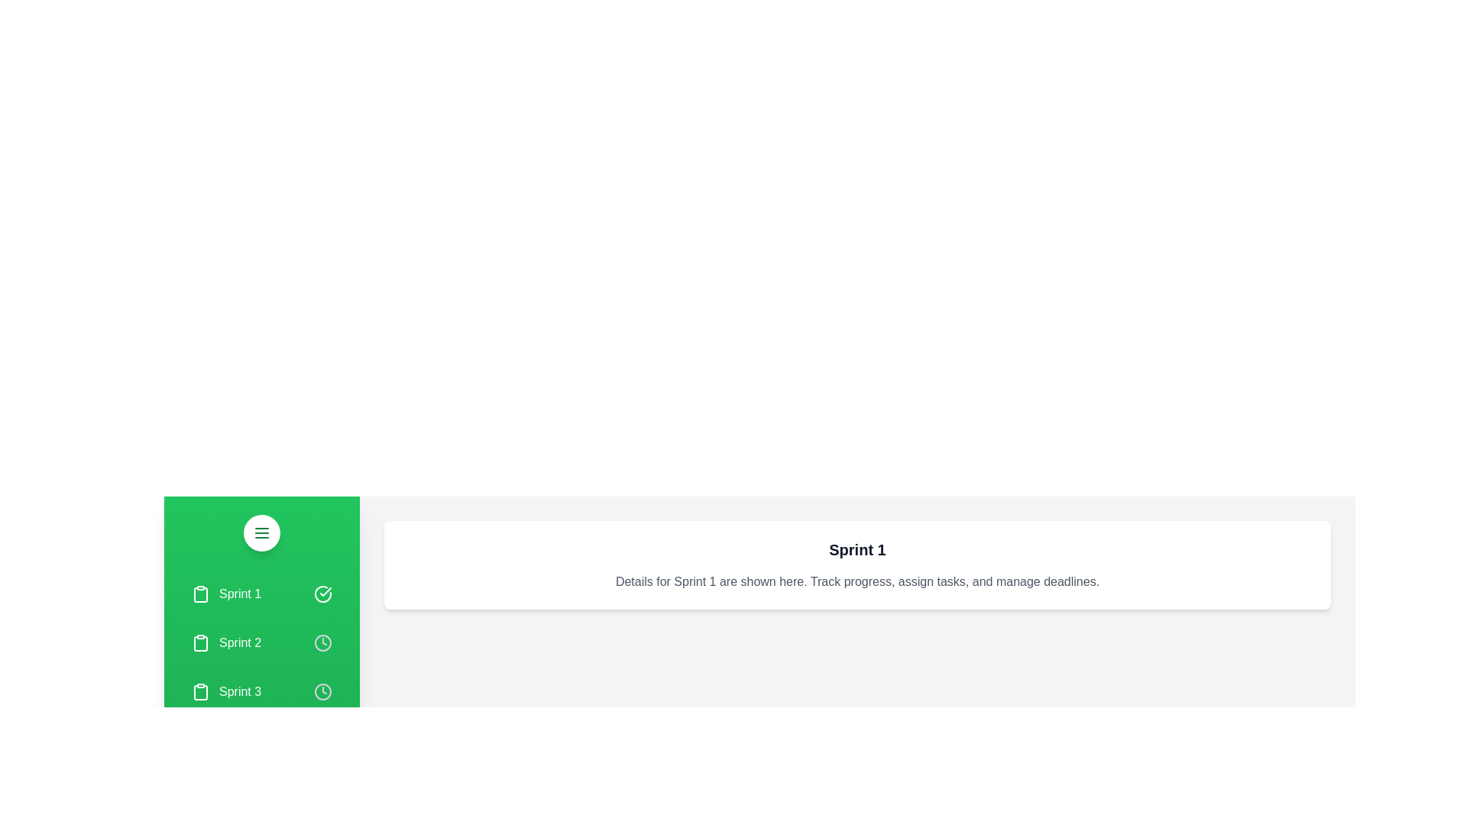 This screenshot has height=825, width=1467. What do you see at coordinates (261, 532) in the screenshot?
I see `circular button with the menu icon to toggle the drawer open or closed` at bounding box center [261, 532].